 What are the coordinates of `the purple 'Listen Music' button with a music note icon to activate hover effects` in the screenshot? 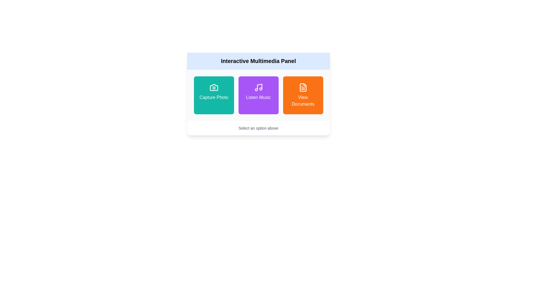 It's located at (258, 95).